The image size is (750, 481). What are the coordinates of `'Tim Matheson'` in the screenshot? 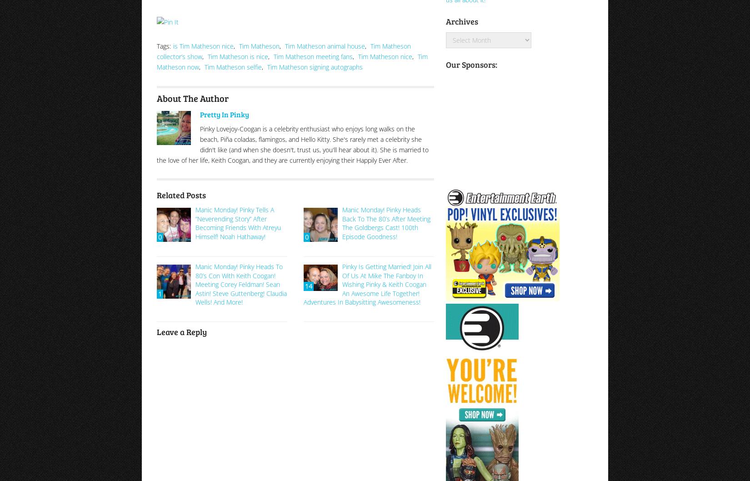 It's located at (259, 45).